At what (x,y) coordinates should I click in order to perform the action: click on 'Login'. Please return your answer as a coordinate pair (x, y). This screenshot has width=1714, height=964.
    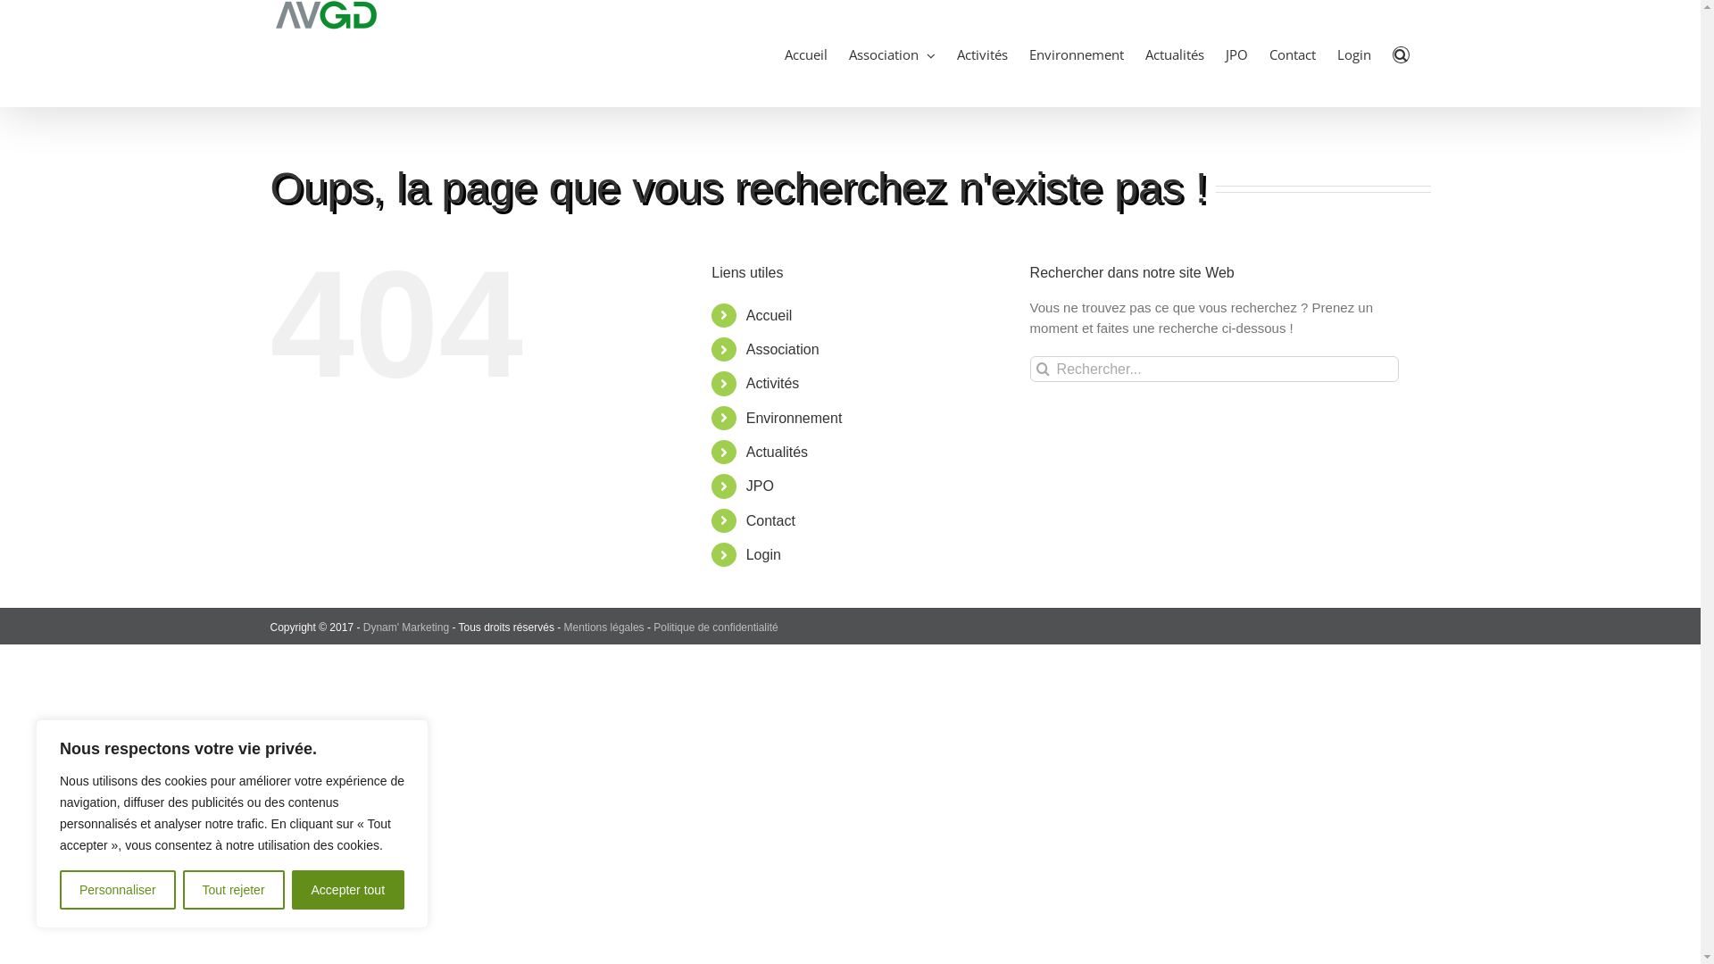
    Looking at the image, I should click on (1353, 53).